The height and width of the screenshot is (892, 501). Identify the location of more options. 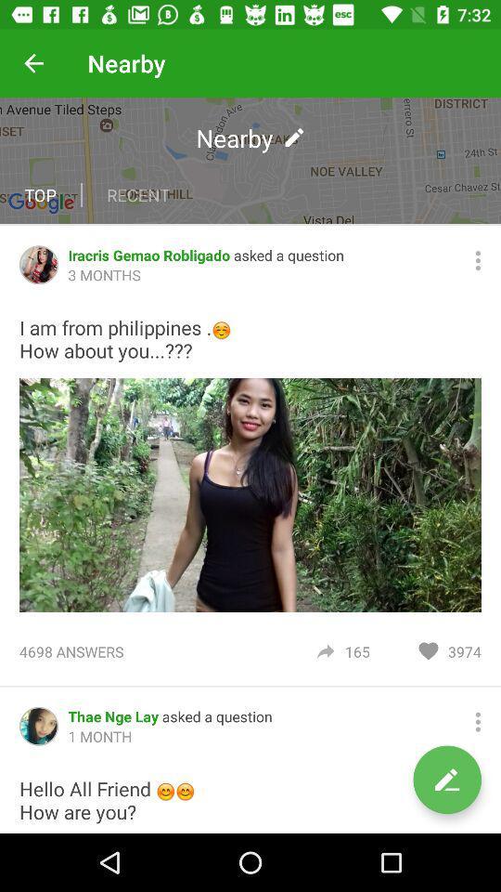
(478, 721).